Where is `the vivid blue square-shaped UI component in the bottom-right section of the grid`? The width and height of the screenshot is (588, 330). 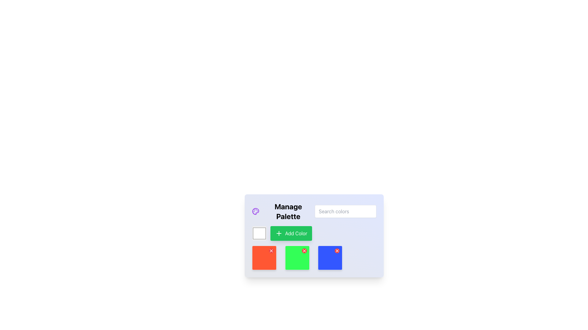
the vivid blue square-shaped UI component in the bottom-right section of the grid is located at coordinates (330, 258).